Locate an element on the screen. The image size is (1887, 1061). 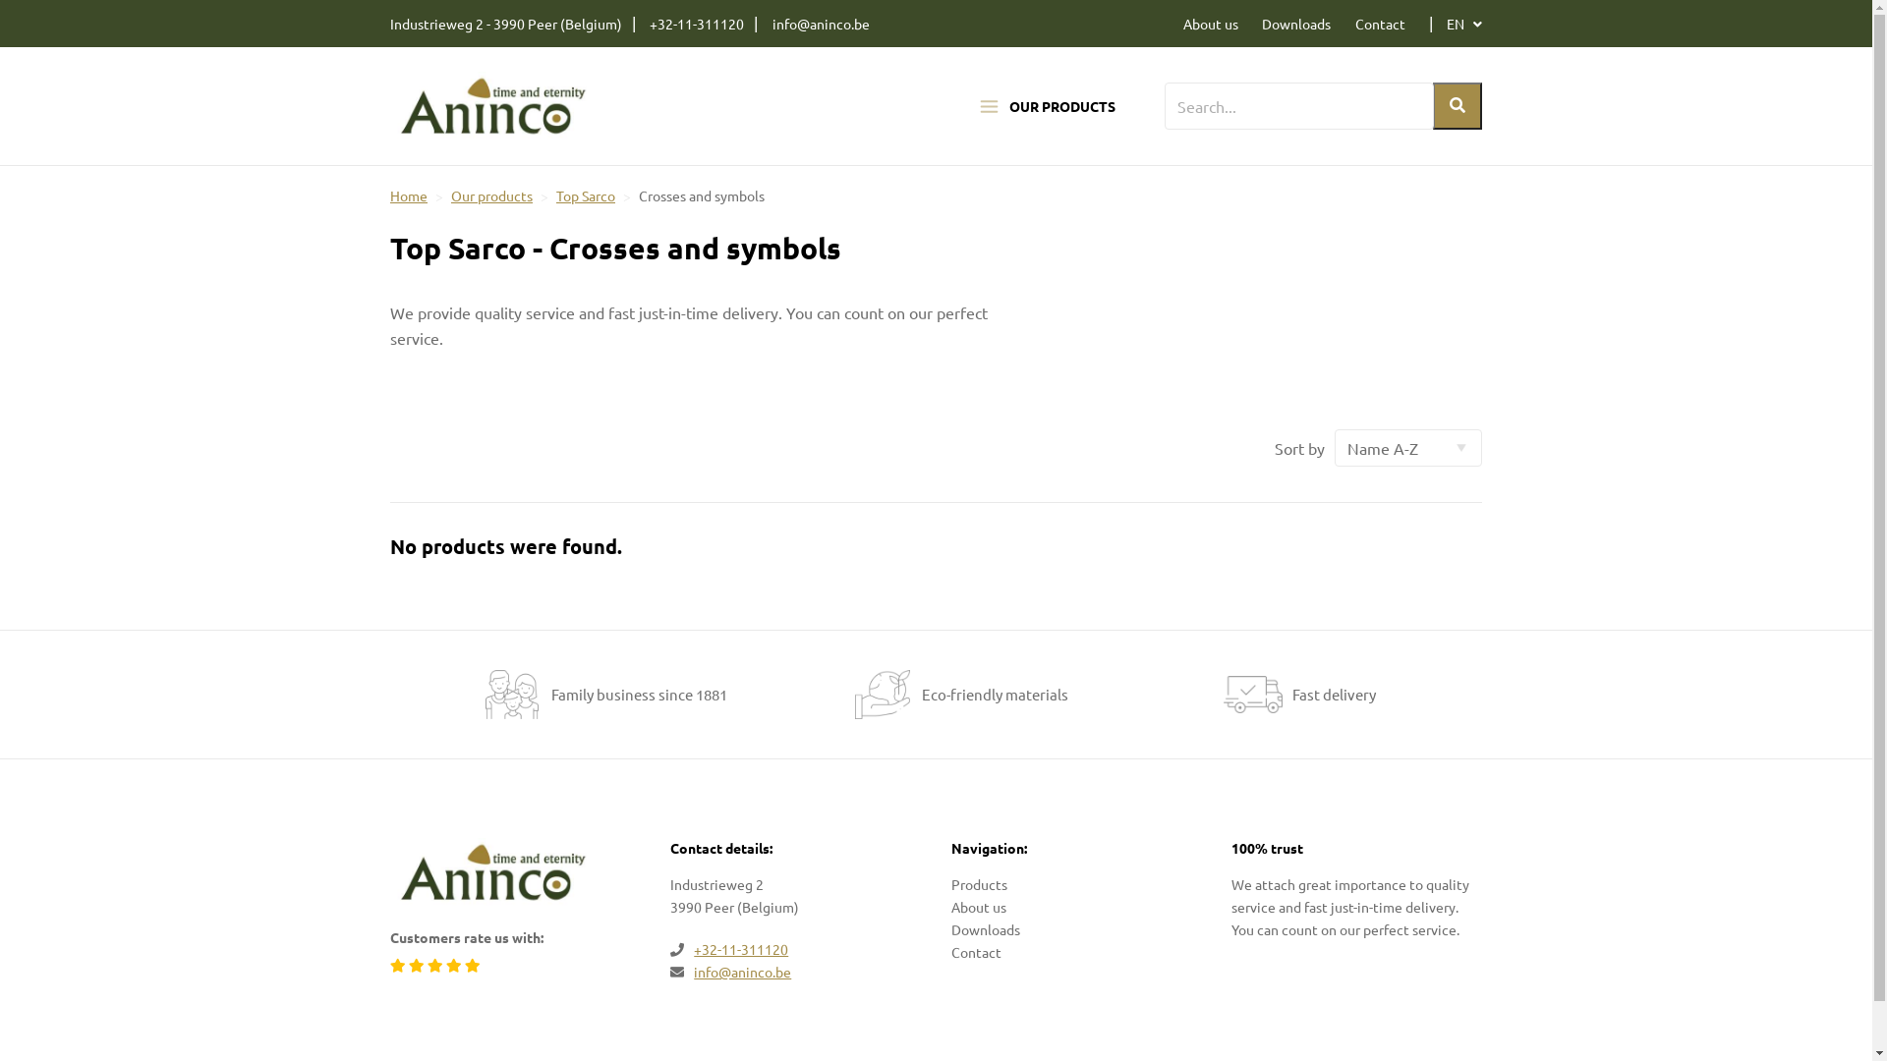
'Contact' is located at coordinates (976, 950).